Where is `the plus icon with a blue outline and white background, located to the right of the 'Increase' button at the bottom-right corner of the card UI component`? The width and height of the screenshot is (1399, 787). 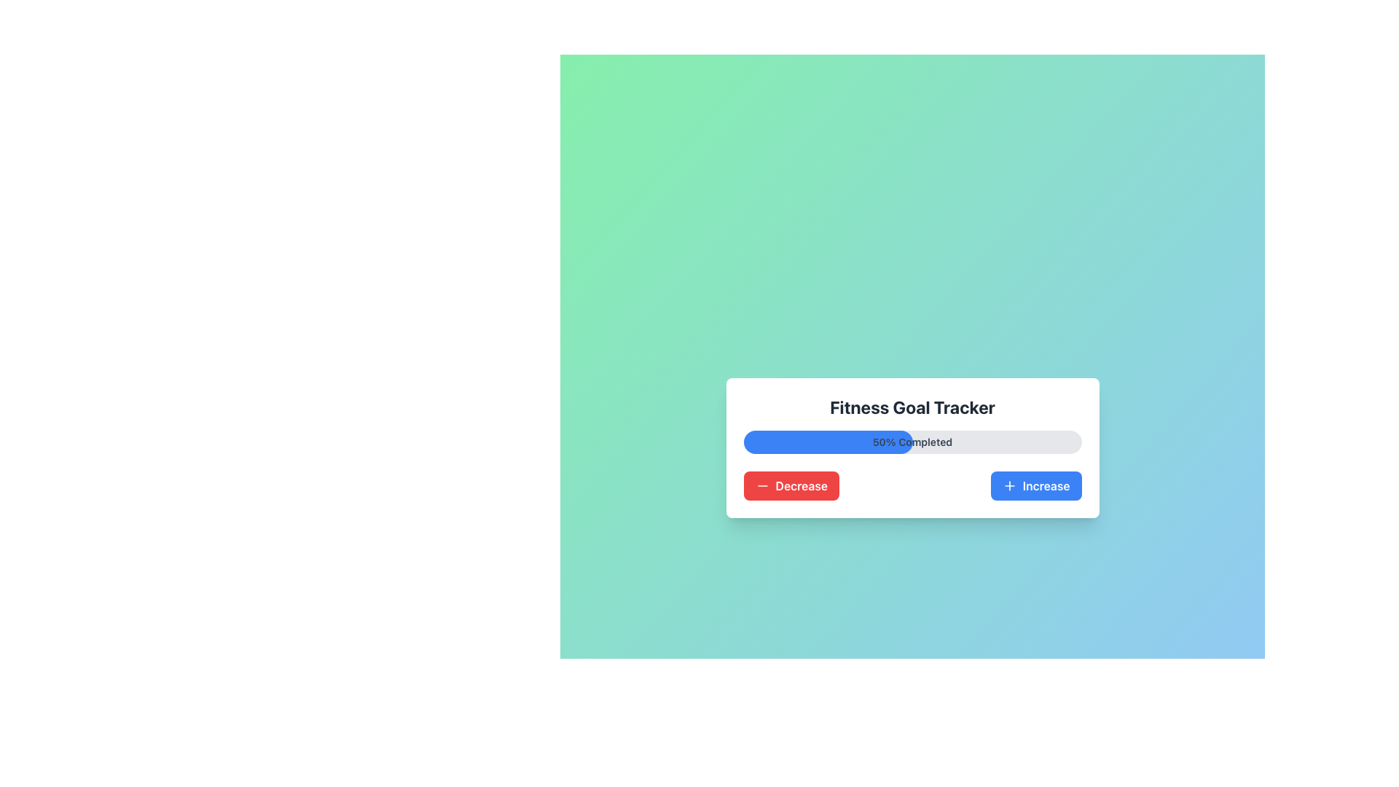
the plus icon with a blue outline and white background, located to the right of the 'Increase' button at the bottom-right corner of the card UI component is located at coordinates (1008, 486).